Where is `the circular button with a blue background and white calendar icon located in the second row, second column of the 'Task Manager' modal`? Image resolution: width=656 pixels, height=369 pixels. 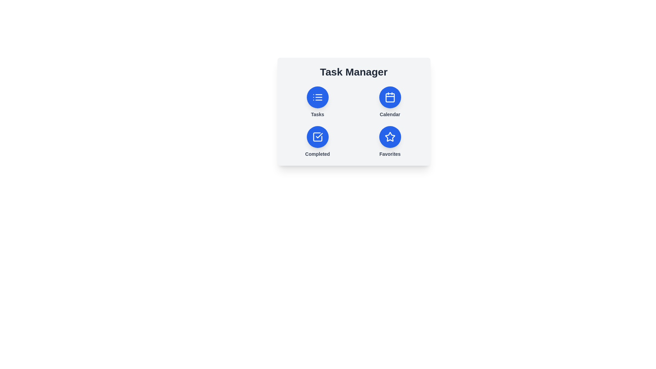
the circular button with a blue background and white calendar icon located in the second row, second column of the 'Task Manager' modal is located at coordinates (390, 97).